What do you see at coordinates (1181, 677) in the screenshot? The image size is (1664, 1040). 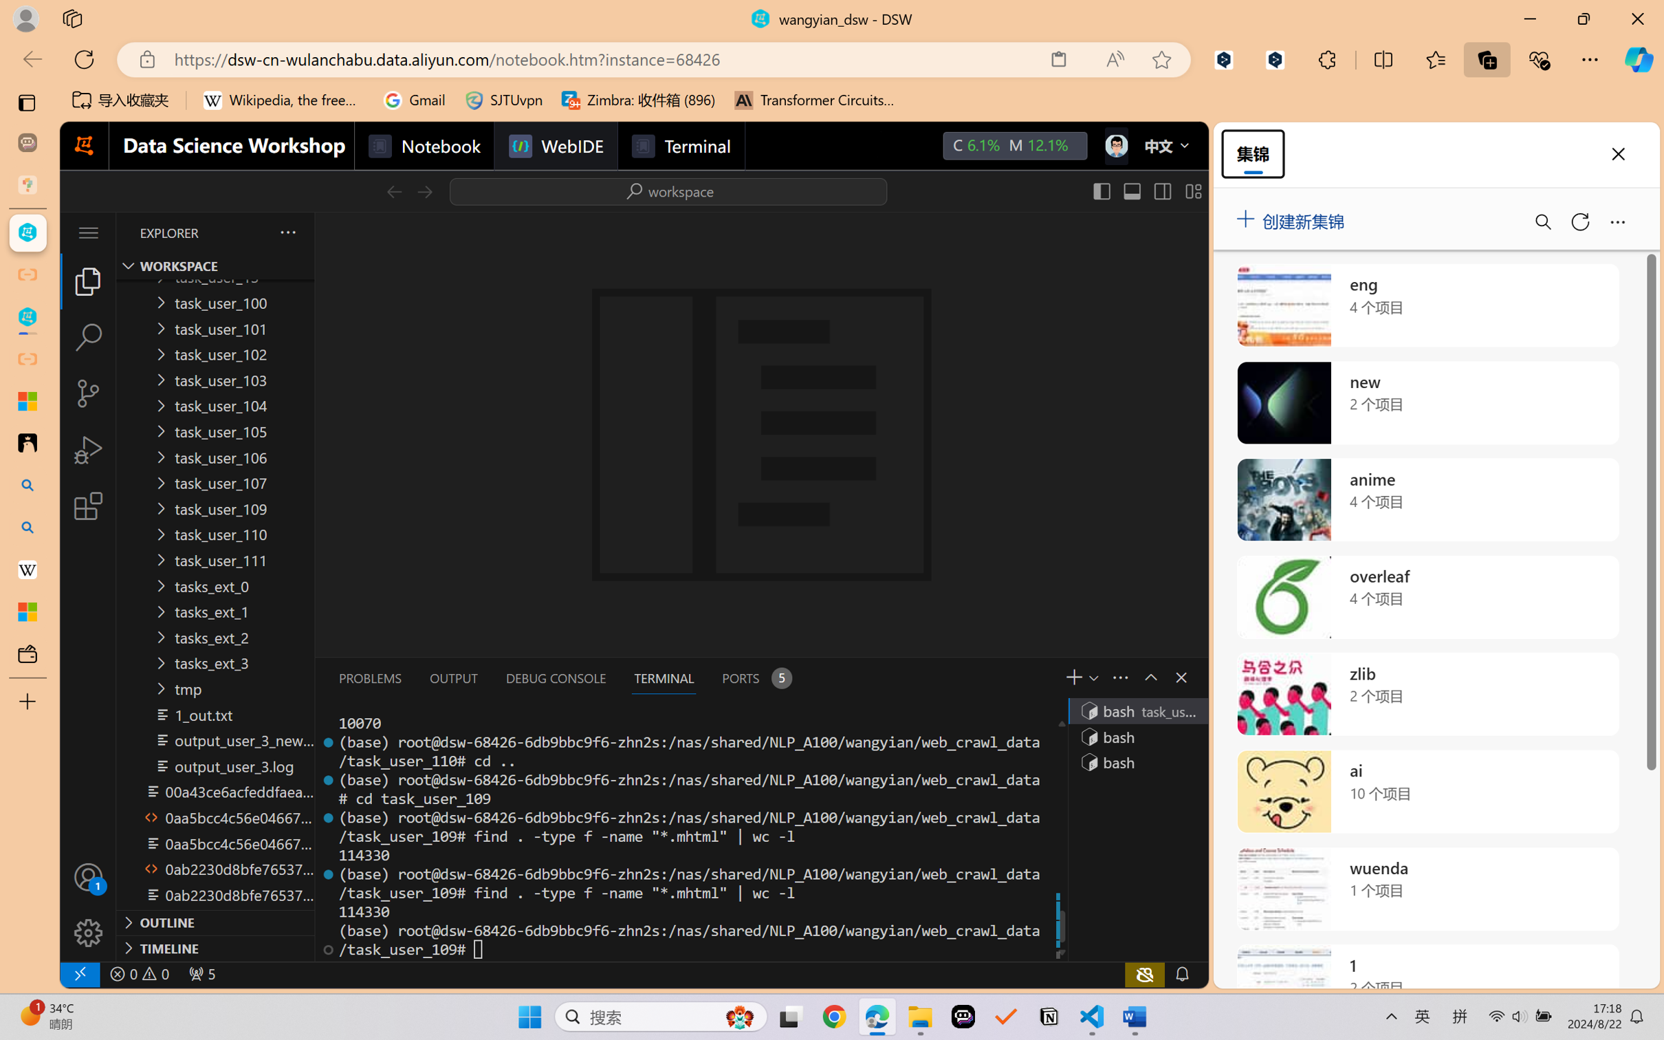 I see `'Close Panel'` at bounding box center [1181, 677].